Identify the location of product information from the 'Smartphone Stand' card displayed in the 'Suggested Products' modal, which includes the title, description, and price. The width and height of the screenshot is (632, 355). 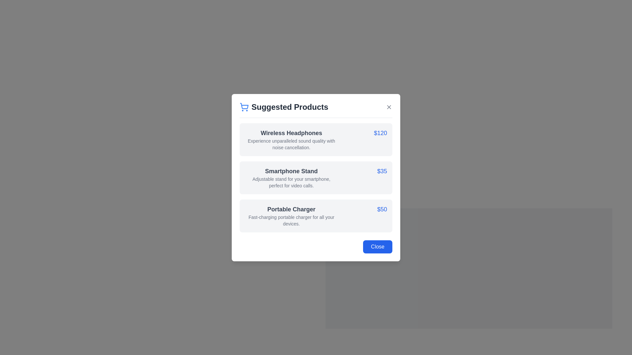
(316, 177).